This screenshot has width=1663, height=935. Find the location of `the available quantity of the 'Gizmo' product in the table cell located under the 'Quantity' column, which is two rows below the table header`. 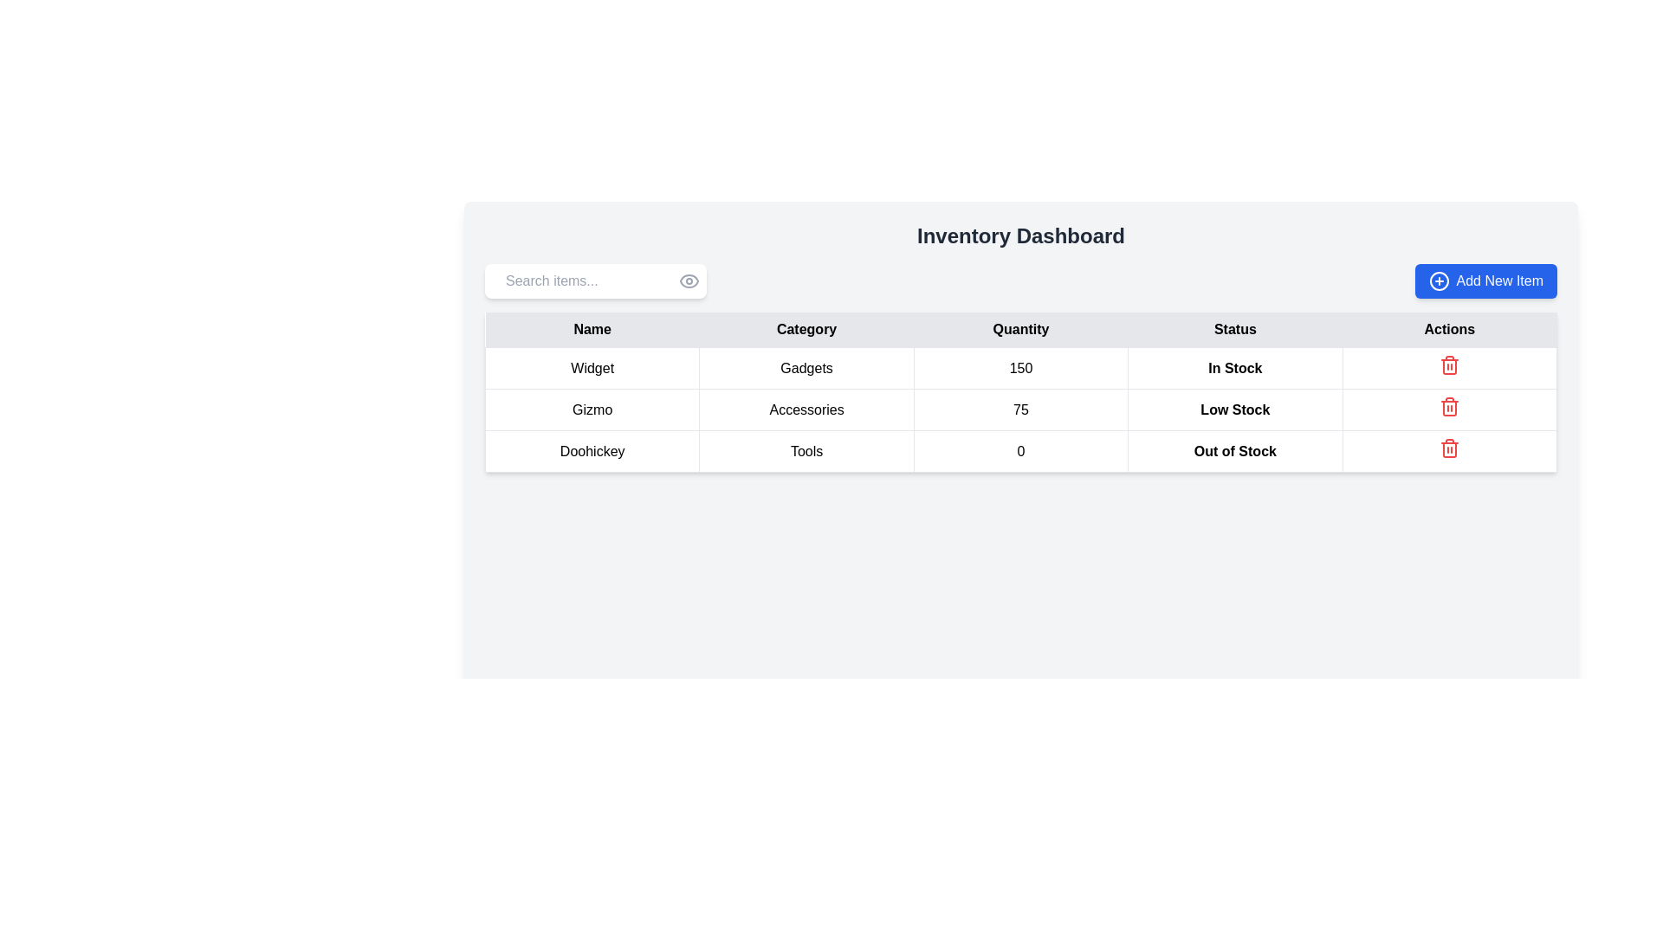

the available quantity of the 'Gizmo' product in the table cell located under the 'Quantity' column, which is two rows below the table header is located at coordinates (1021, 409).